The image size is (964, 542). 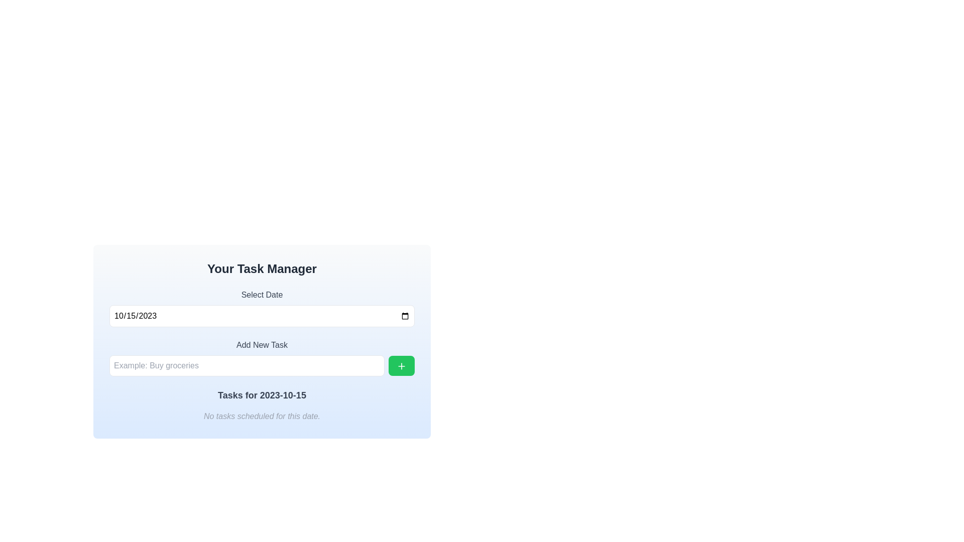 I want to click on the static text message indicating that there are no tasks scheduled for the specified date, located below the header 'Tasks for 2023-10-15', so click(x=262, y=416).